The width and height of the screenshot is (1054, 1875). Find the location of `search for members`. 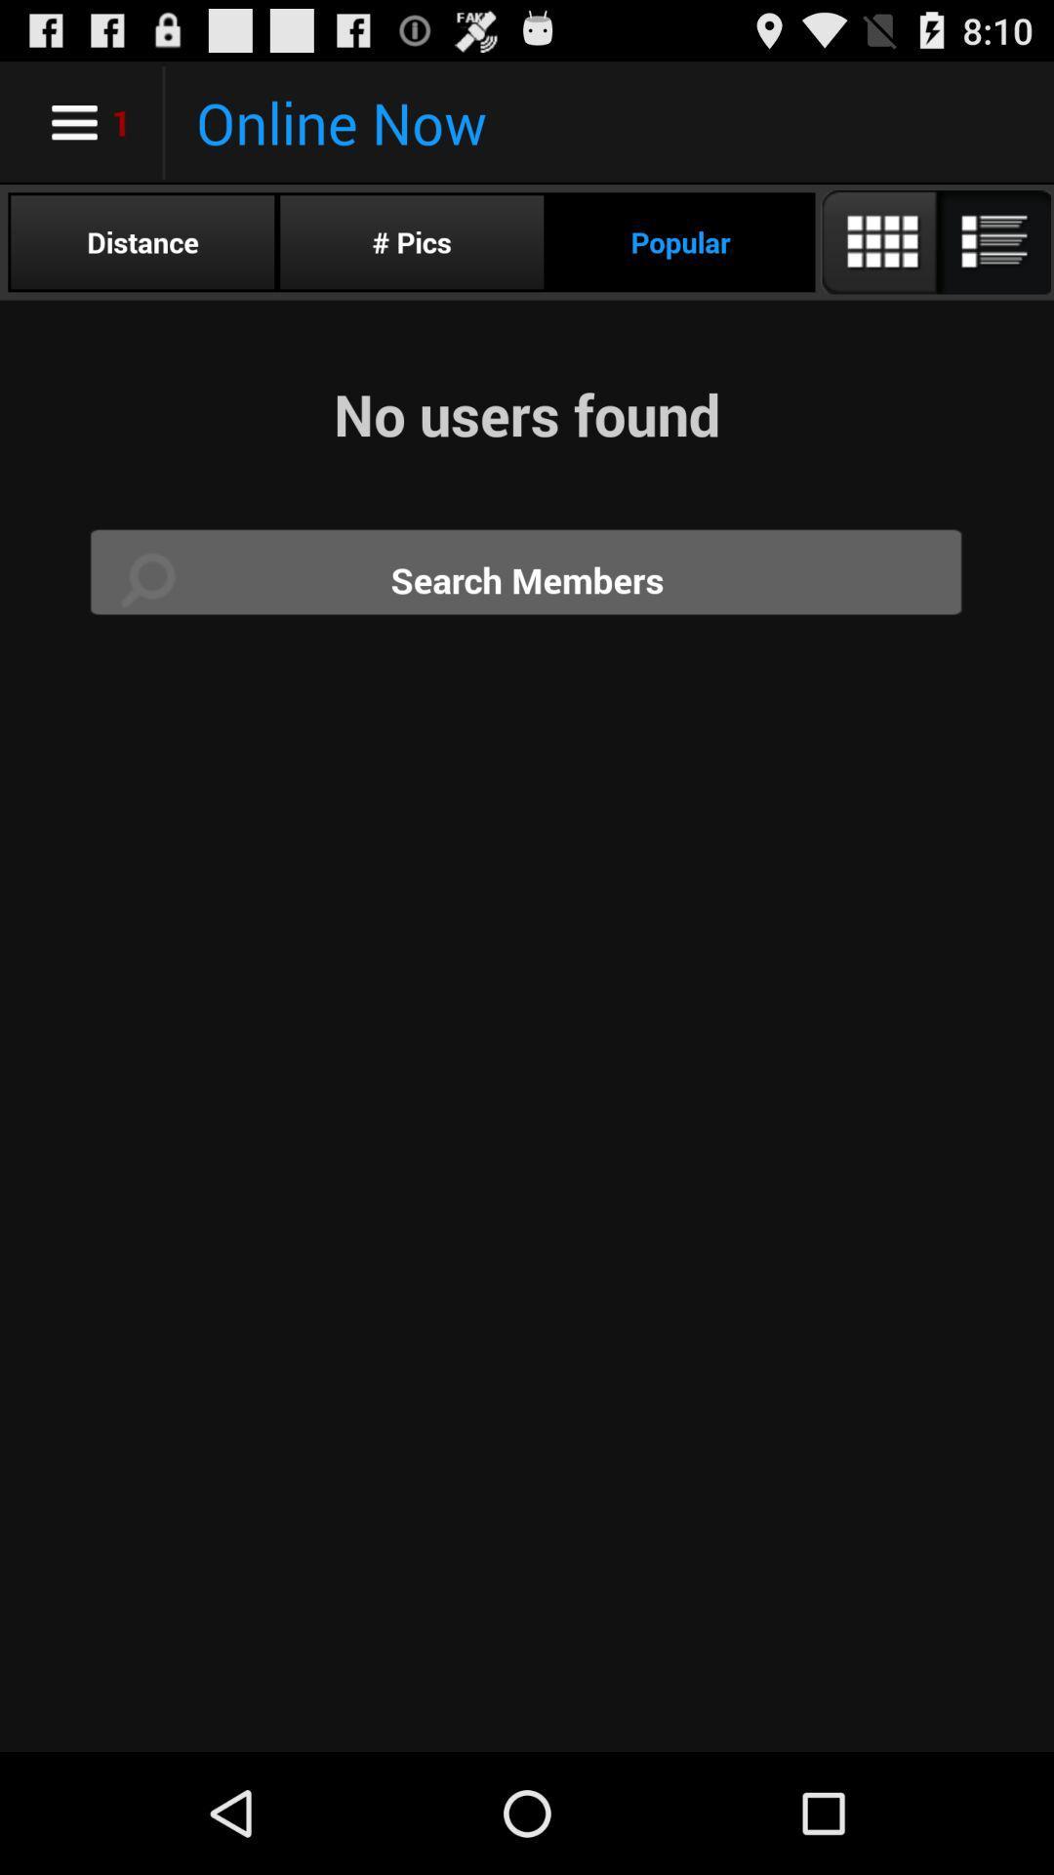

search for members is located at coordinates (527, 579).